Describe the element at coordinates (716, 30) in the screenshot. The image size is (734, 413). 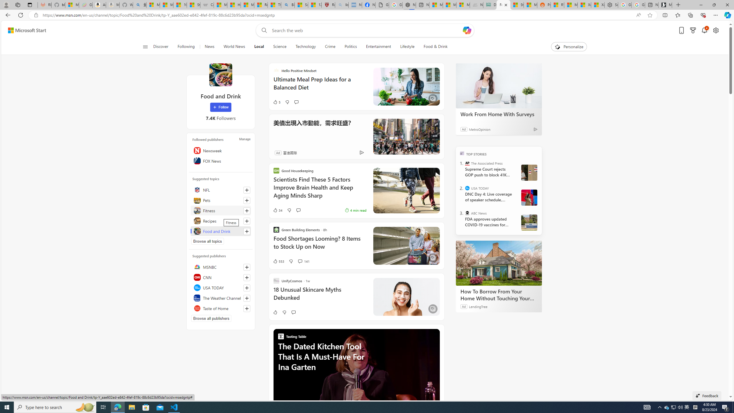
I see `'Open settings'` at that location.